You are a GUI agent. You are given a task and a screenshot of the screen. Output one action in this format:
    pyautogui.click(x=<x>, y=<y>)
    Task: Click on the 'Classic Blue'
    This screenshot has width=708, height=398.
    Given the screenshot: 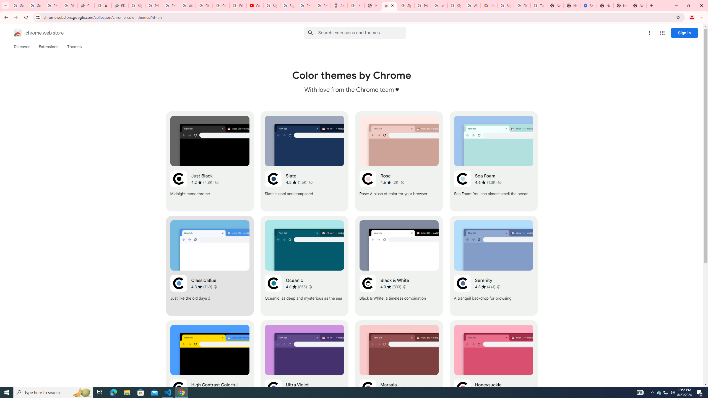 What is the action you would take?
    pyautogui.click(x=210, y=266)
    